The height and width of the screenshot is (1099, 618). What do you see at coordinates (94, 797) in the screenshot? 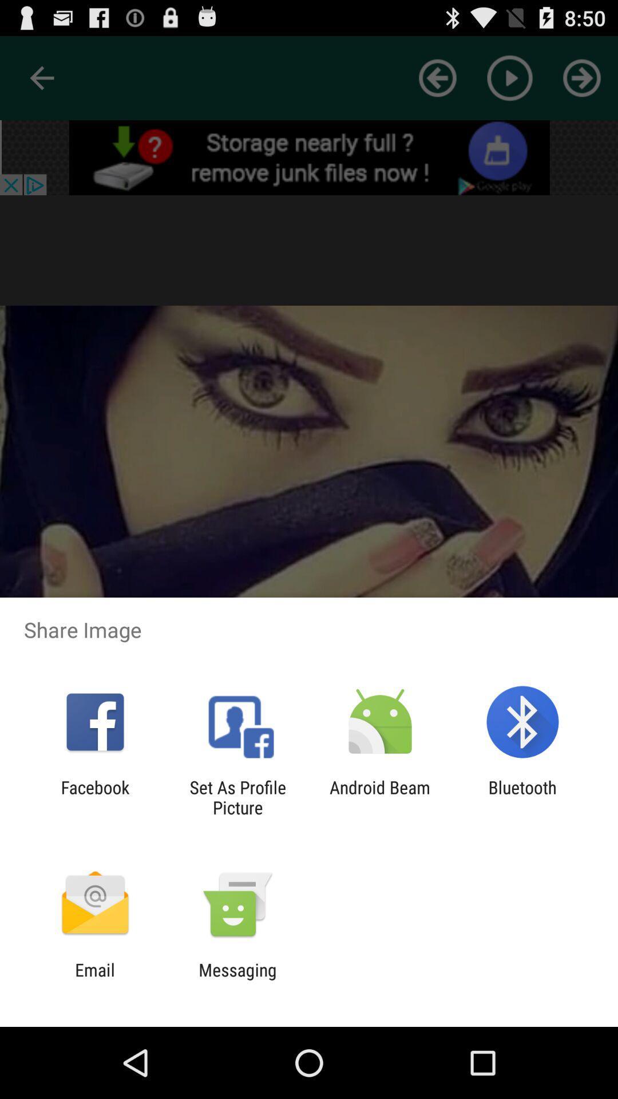
I see `the app next to the set as profile` at bounding box center [94, 797].